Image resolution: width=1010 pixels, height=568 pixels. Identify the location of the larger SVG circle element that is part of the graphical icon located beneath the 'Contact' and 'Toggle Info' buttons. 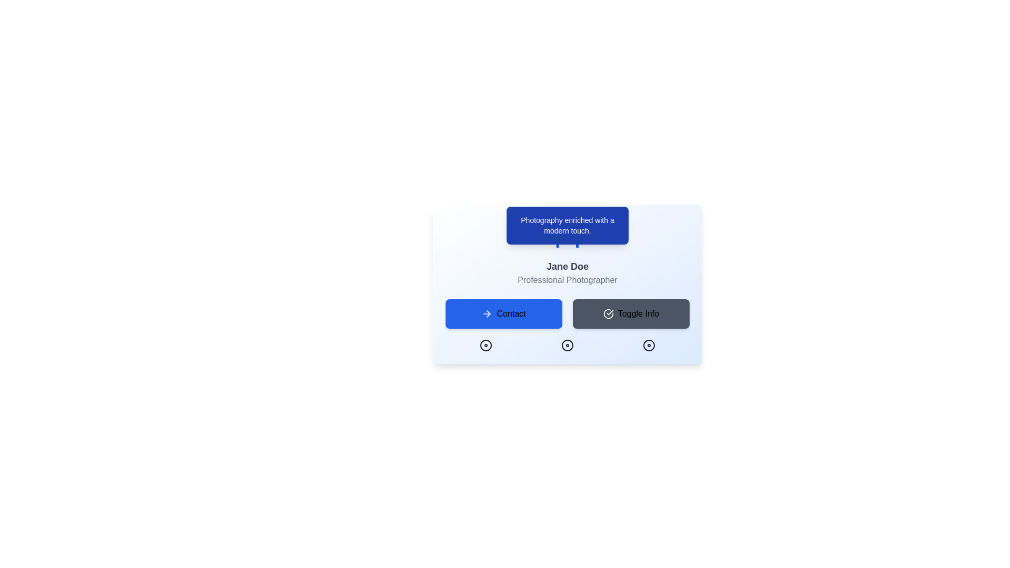
(648, 345).